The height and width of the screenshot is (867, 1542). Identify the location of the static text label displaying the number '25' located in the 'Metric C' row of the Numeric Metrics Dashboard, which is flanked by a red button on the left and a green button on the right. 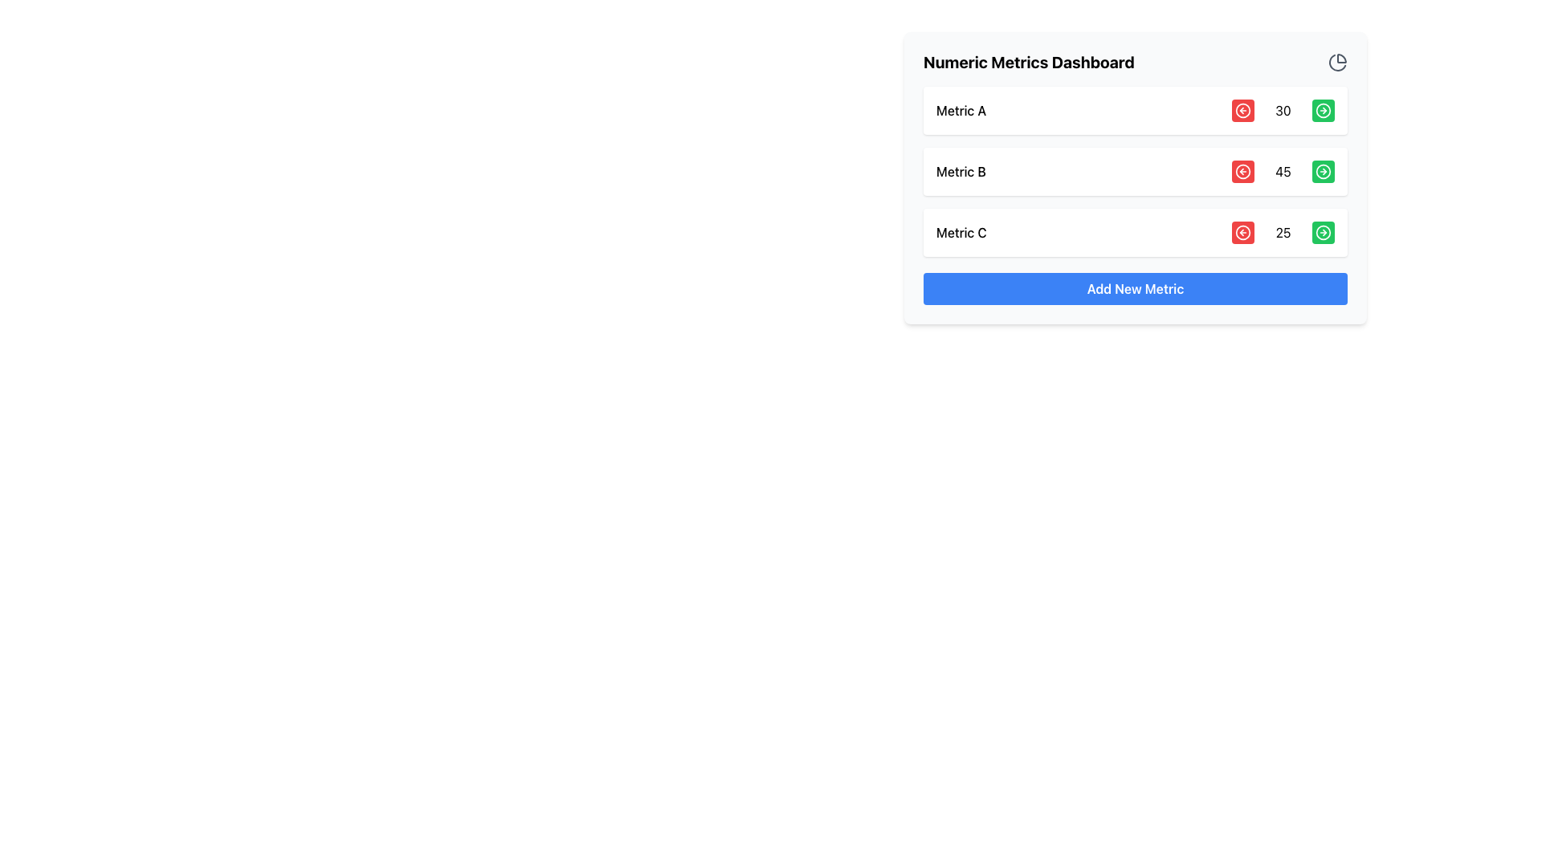
(1283, 232).